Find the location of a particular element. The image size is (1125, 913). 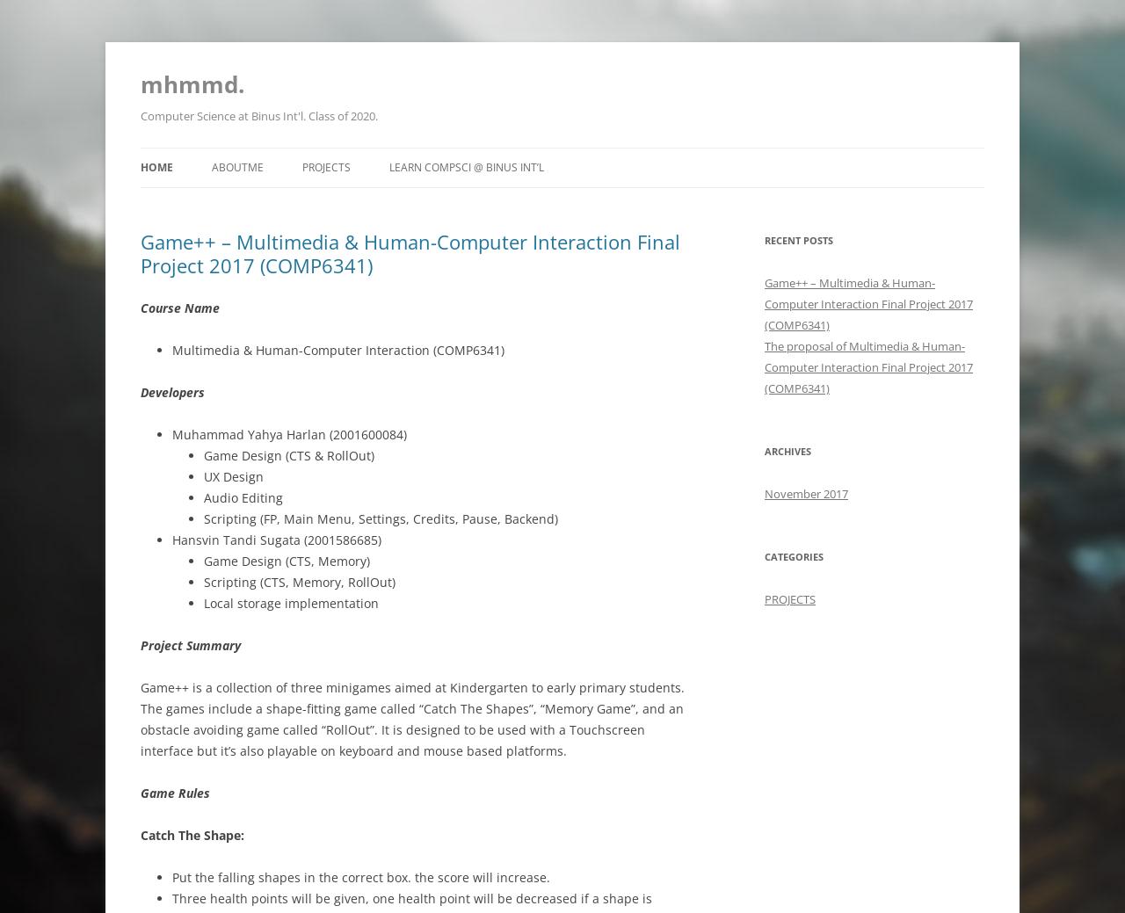

'Multimedia & Human-Computer Interaction (COMP6341)' is located at coordinates (338, 349).